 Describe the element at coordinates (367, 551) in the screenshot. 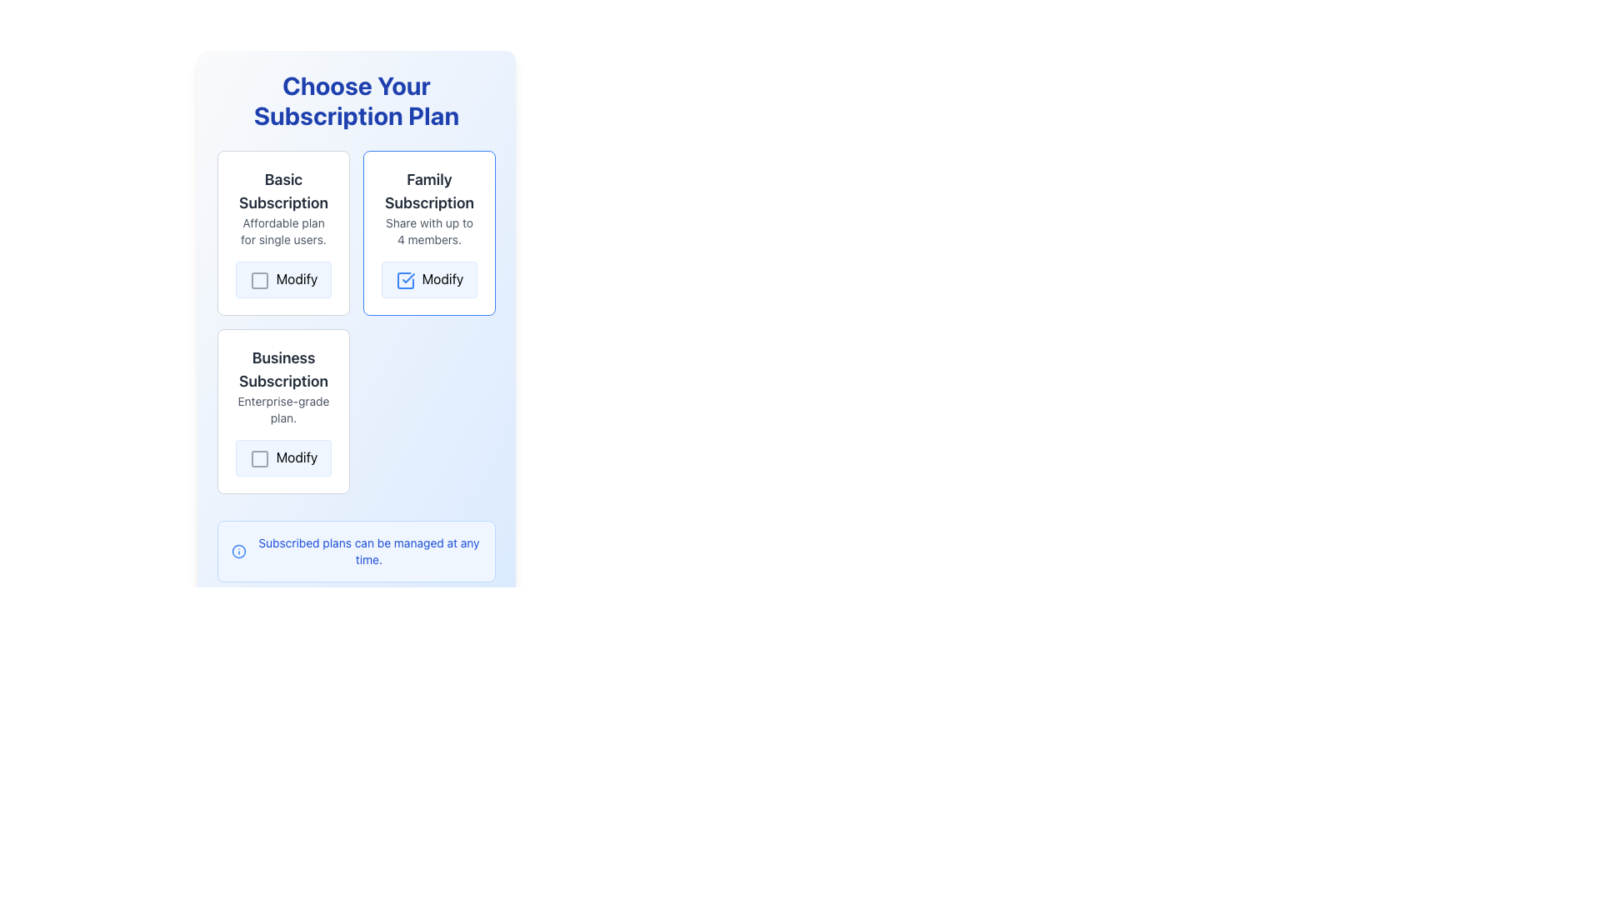

I see `the informational text that clarifies that subscribed plans are manageable at any time, located in a light blue notification box at the bottom of the interface` at that location.